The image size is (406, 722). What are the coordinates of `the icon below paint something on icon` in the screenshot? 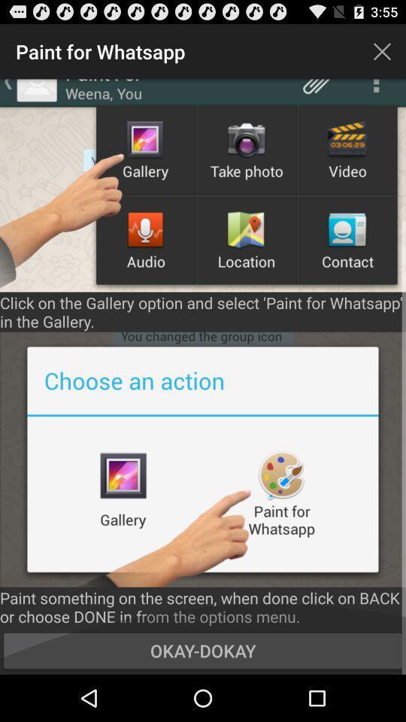 It's located at (203, 650).